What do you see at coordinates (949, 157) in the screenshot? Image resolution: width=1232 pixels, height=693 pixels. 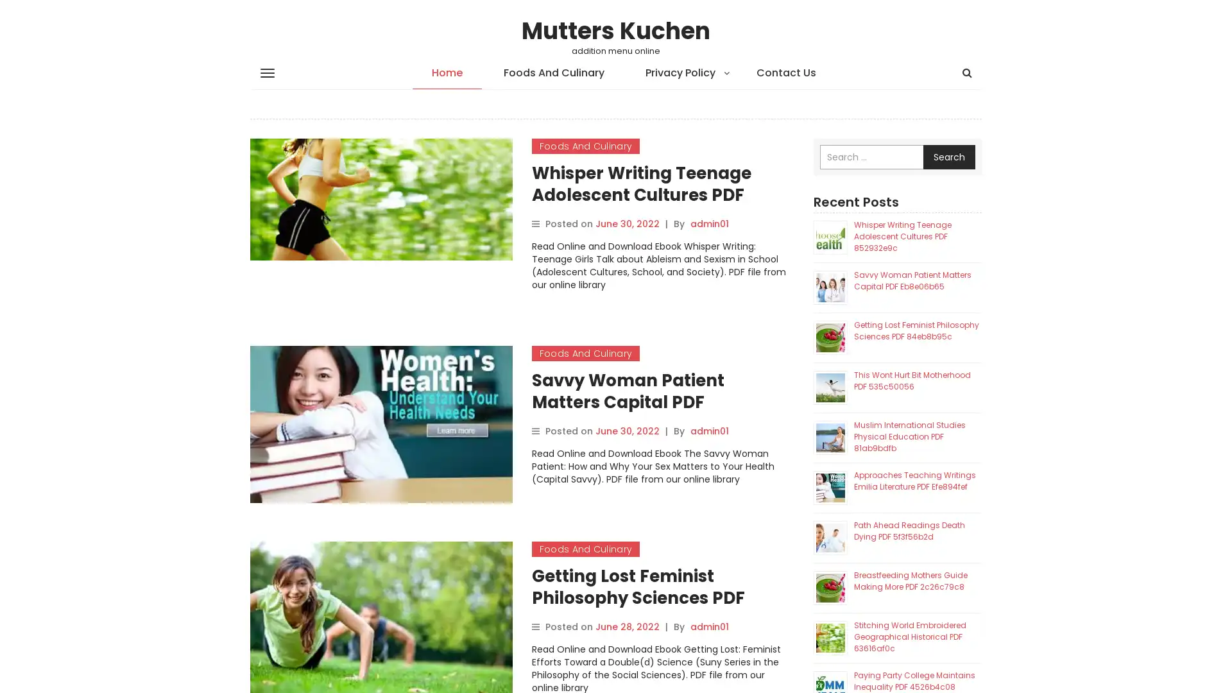 I see `Search` at bounding box center [949, 157].